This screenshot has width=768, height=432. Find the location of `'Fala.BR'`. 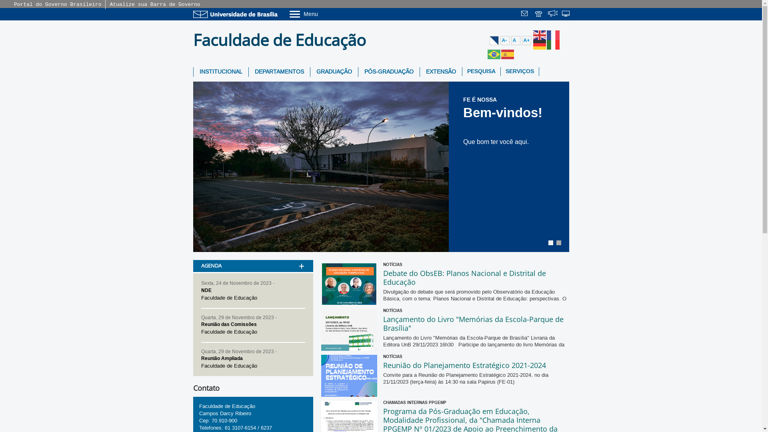

'Fala.BR' is located at coordinates (547, 14).